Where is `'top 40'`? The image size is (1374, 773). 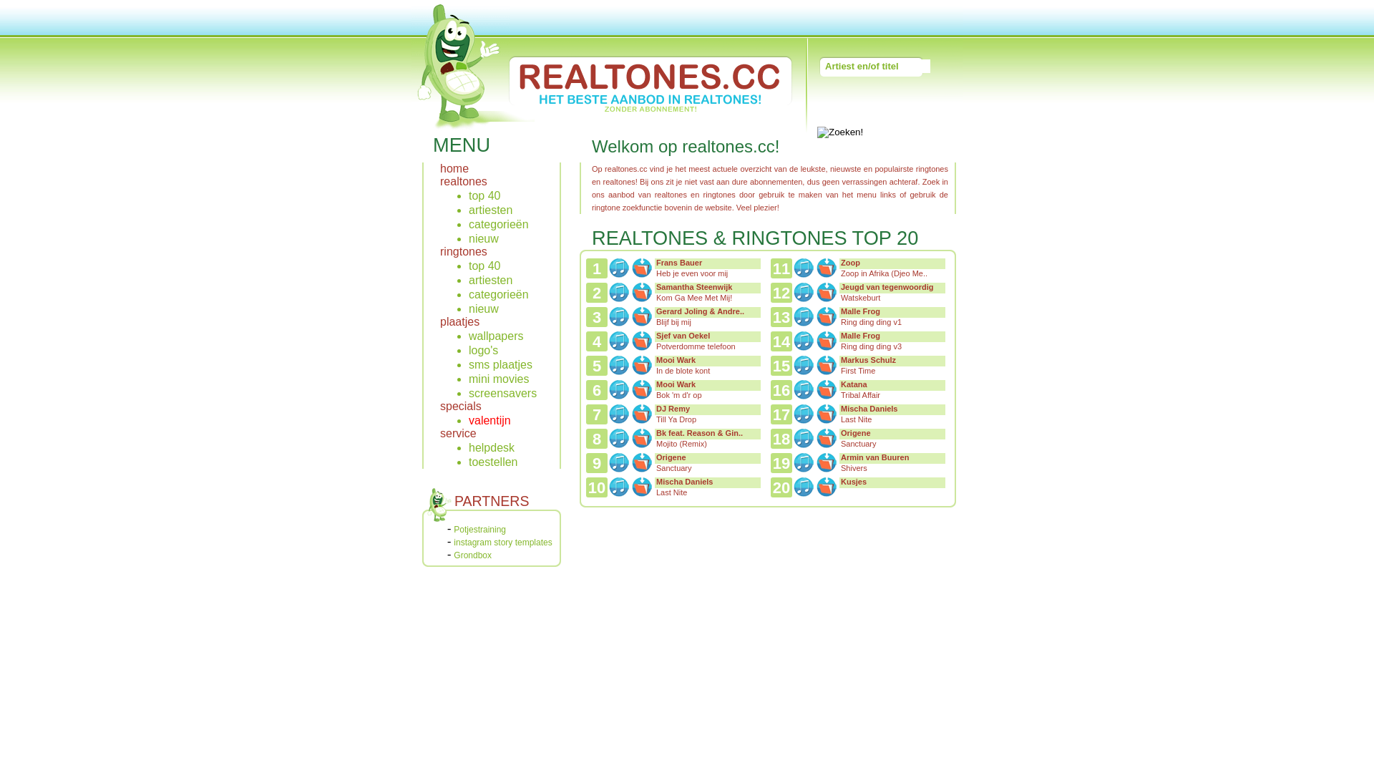 'top 40' is located at coordinates (484, 195).